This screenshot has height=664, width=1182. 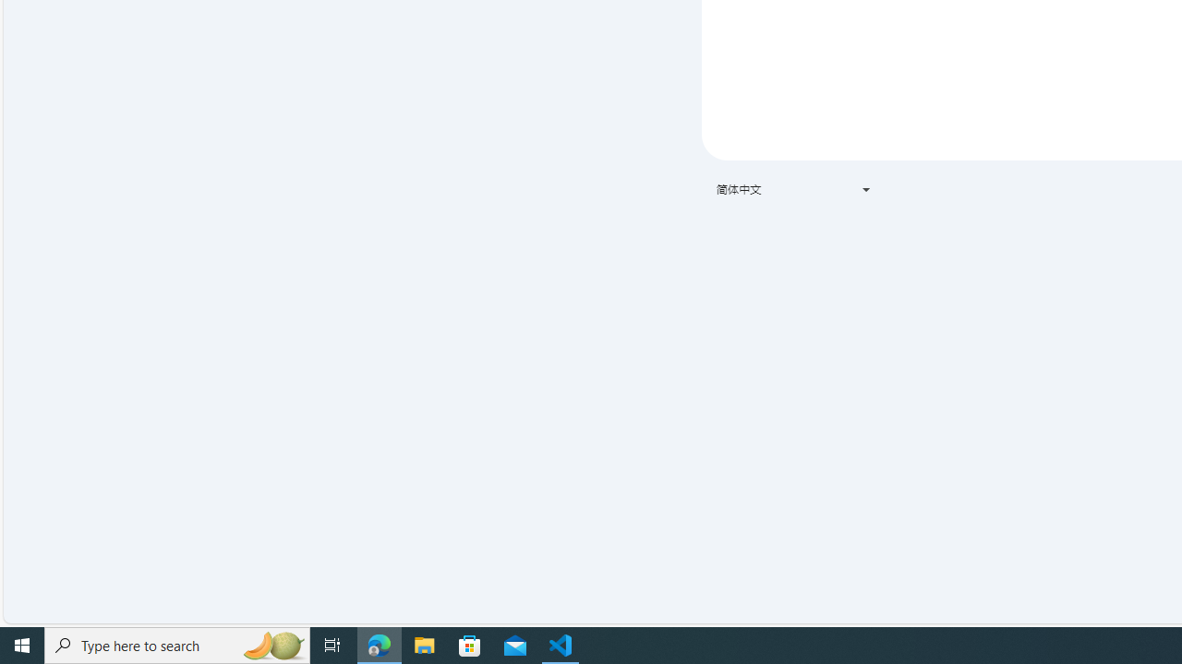 I want to click on 'Class: VfPpkd-t08AT-Bz112c-Bd00G', so click(x=865, y=189).